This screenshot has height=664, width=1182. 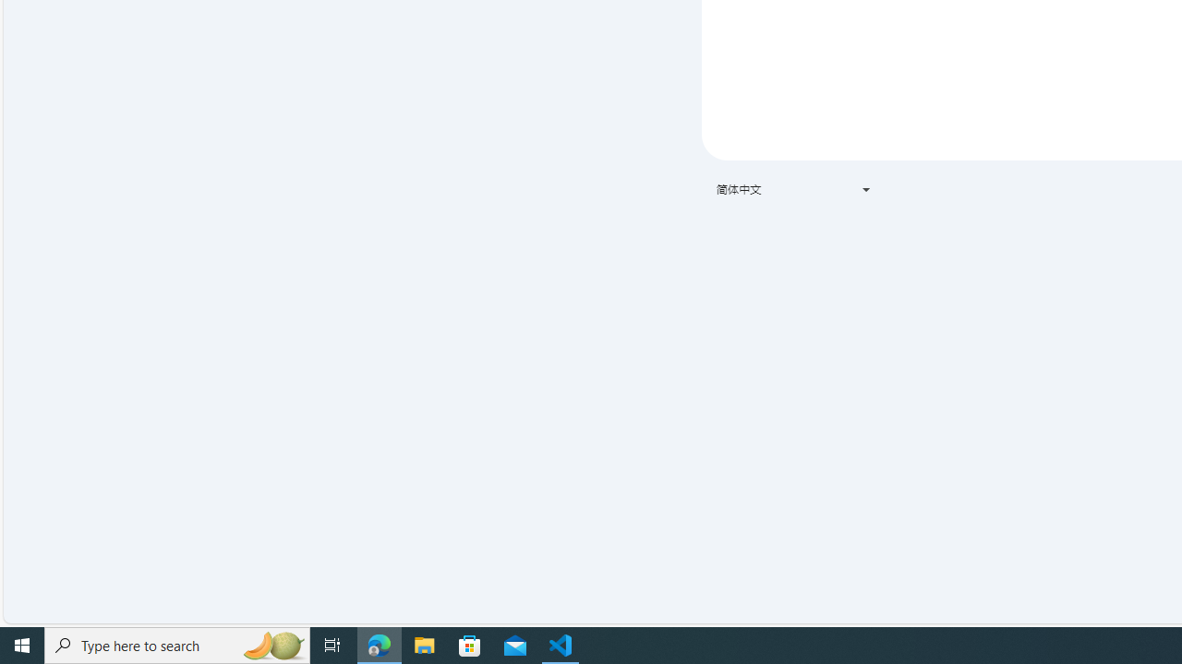 I want to click on 'Class: VfPpkd-t08AT-Bz112c-Bd00G', so click(x=865, y=189).